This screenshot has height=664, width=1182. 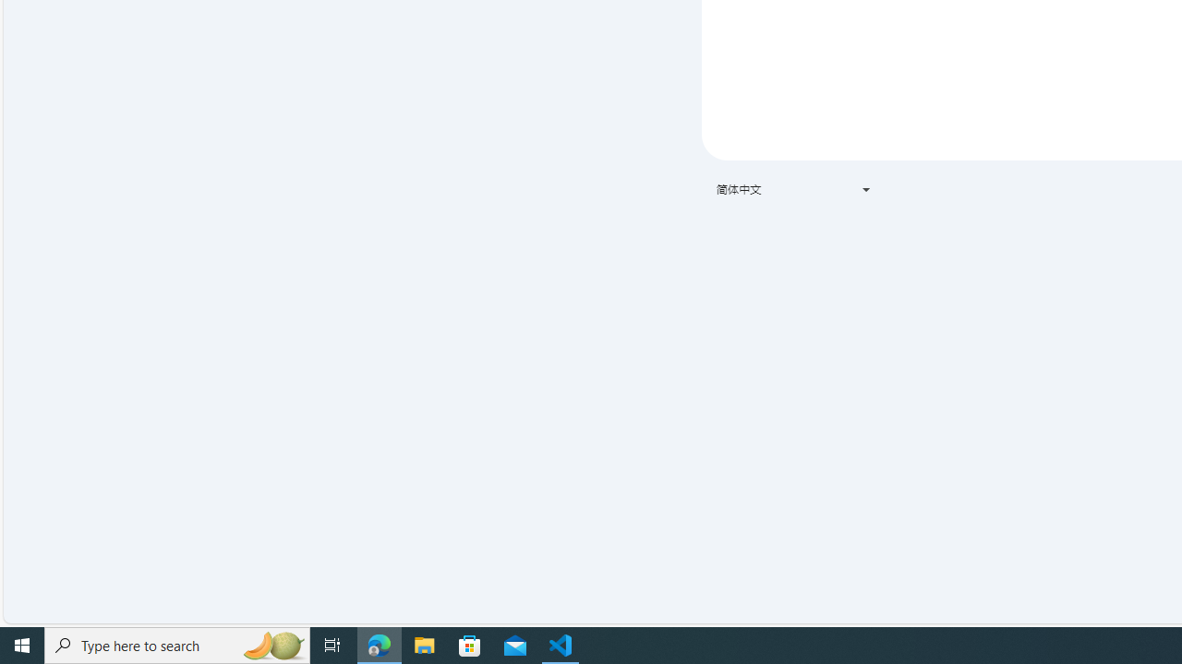 I want to click on 'Class: VfPpkd-t08AT-Bz112c-Bd00G', so click(x=865, y=189).